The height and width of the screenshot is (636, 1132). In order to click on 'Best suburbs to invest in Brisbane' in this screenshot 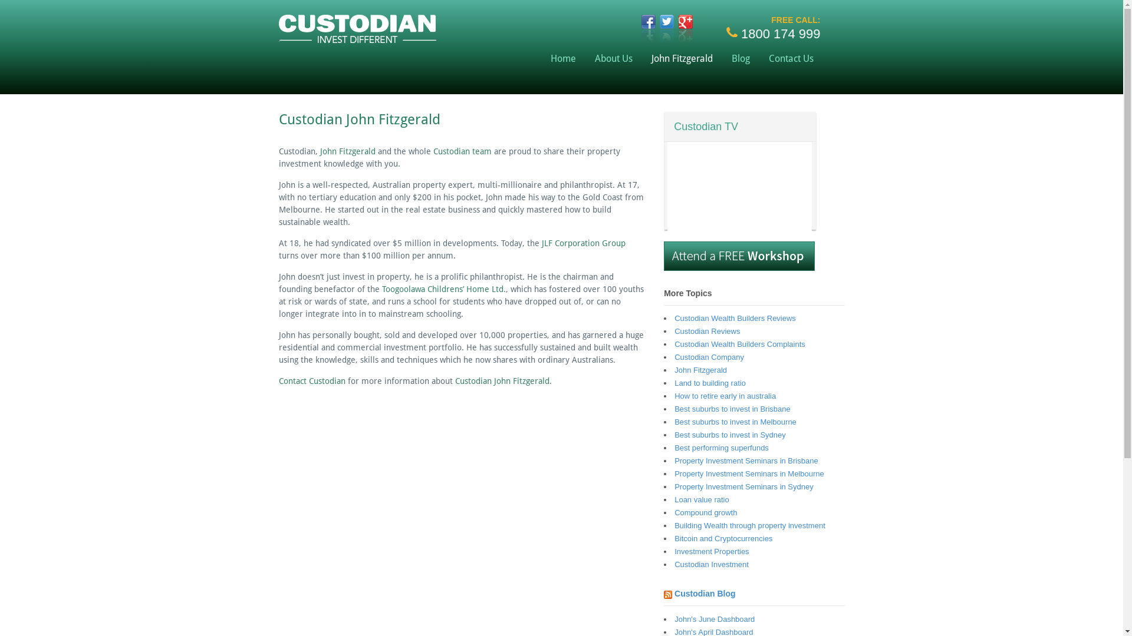, I will do `click(732, 408)`.